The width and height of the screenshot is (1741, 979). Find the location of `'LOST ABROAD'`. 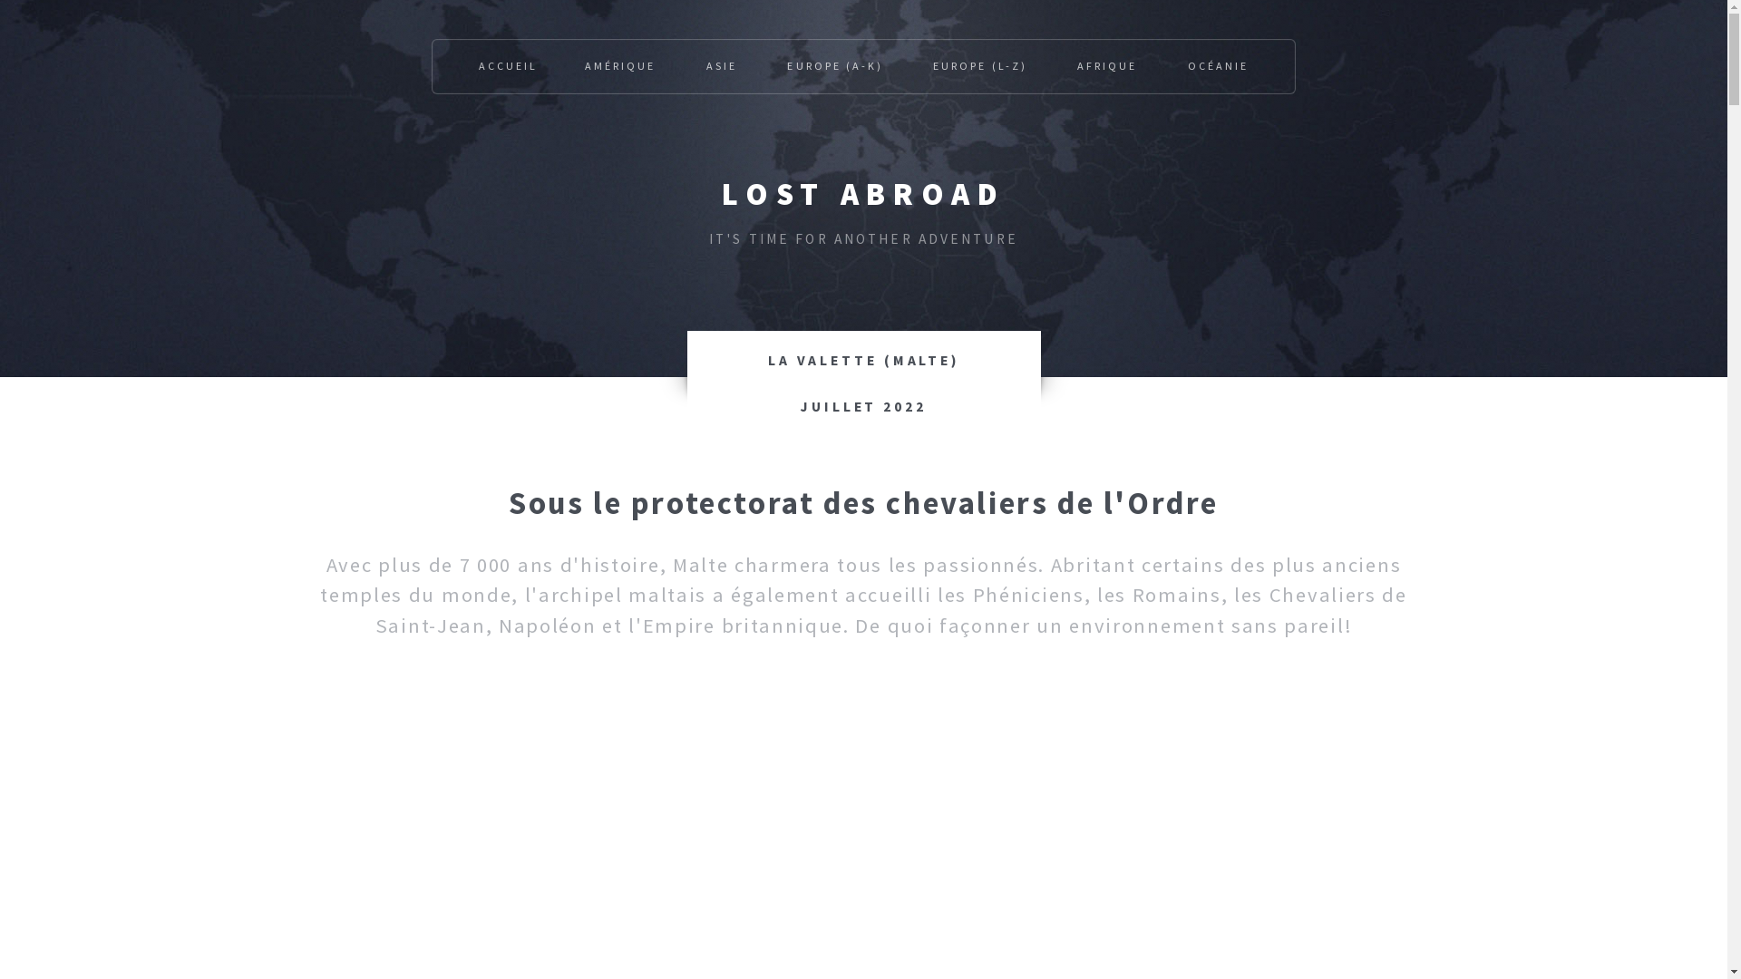

'LOST ABROAD' is located at coordinates (861, 193).